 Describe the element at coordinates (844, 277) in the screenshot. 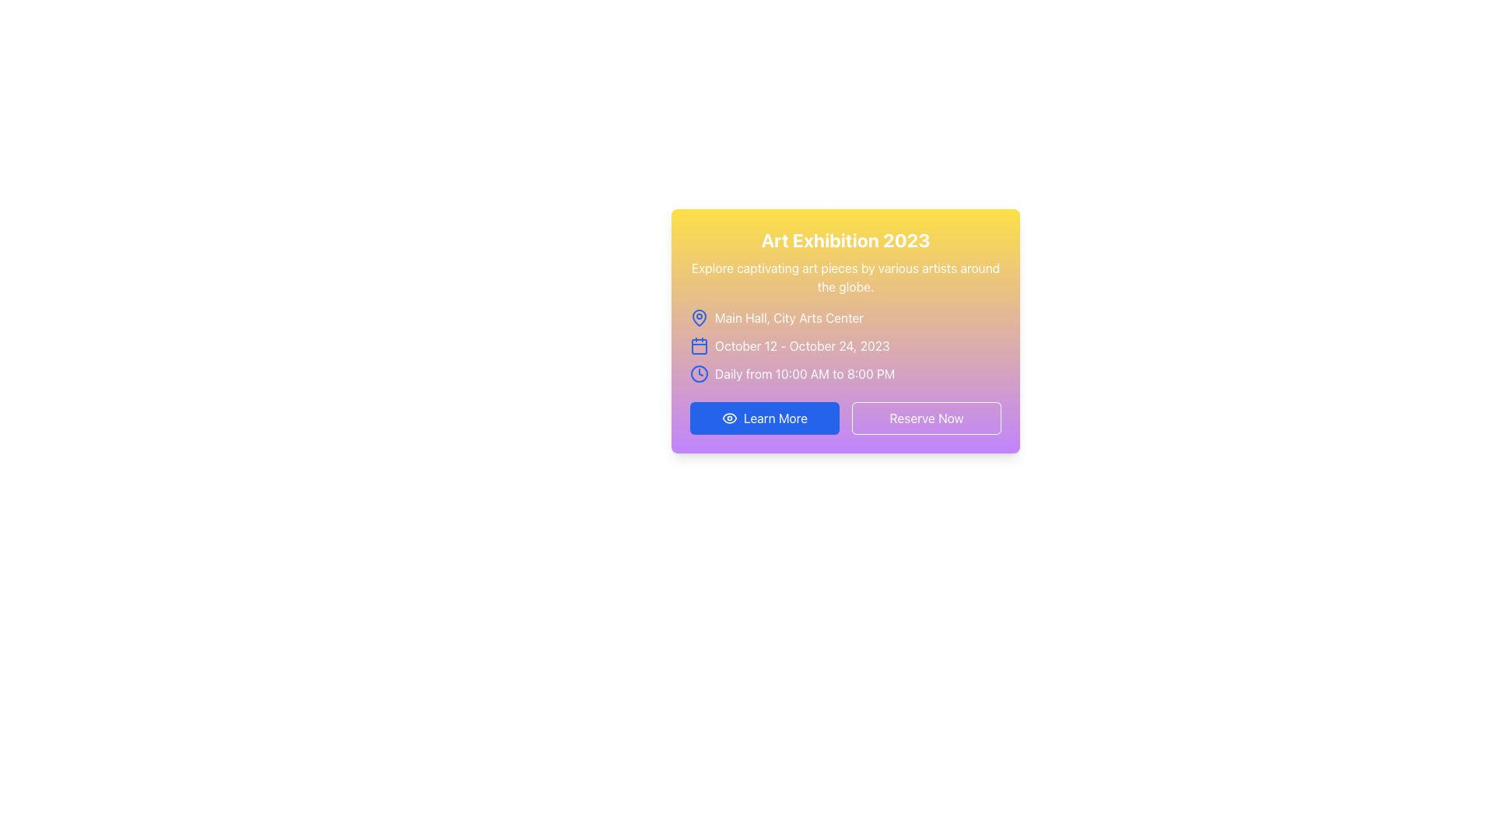

I see `the text block that provides a brief description of the art exhibition, located below the title 'Art Exhibition 2023' within a prominent card` at that location.